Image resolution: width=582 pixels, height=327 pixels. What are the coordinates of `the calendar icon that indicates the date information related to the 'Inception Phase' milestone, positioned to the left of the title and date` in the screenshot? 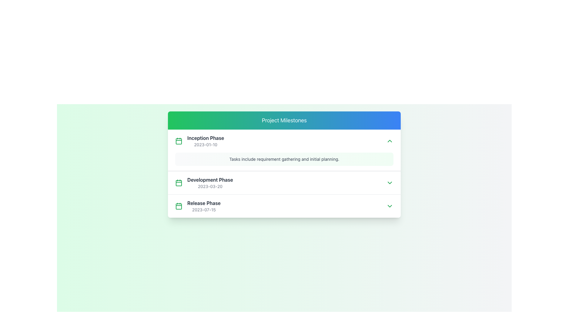 It's located at (179, 141).